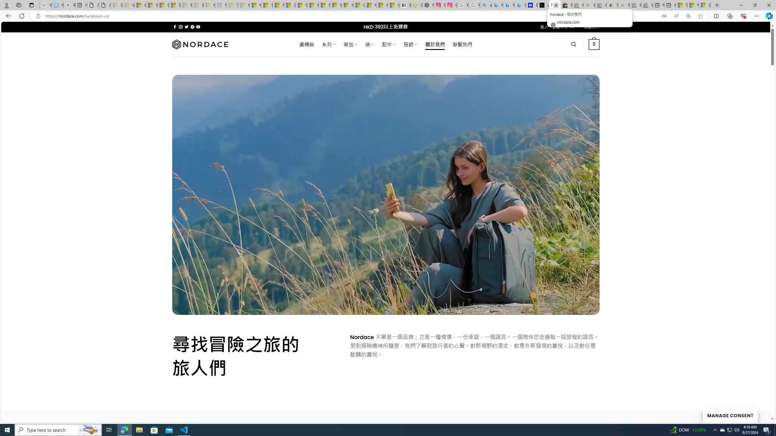 The width and height of the screenshot is (776, 436). I want to click on 'Buy iPad - Apple - Sleeping', so click(69, 5).